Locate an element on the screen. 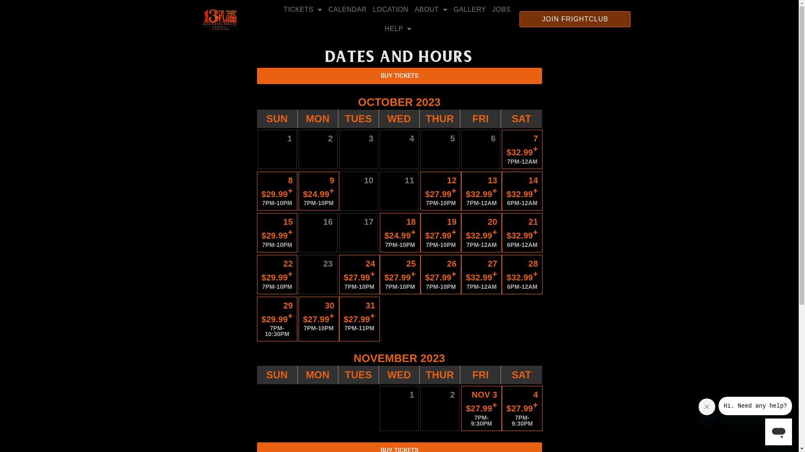 This screenshot has width=805, height=452. 'GALLERY' is located at coordinates (451, 10).